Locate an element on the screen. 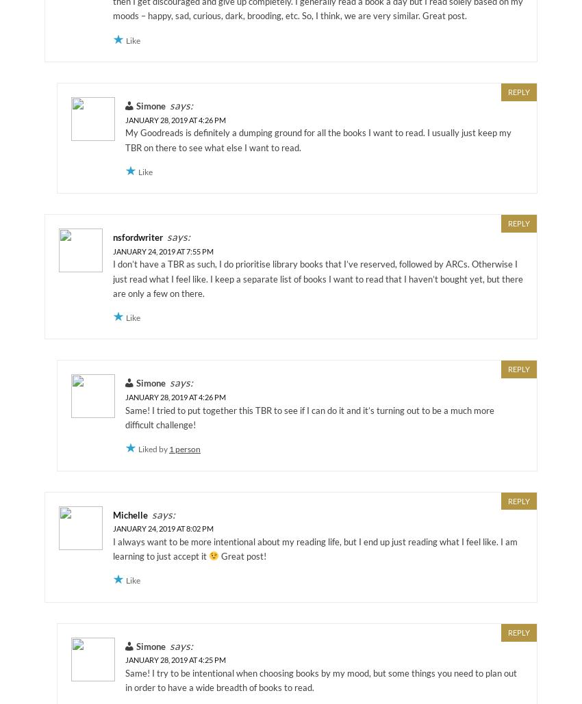 The height and width of the screenshot is (704, 582). 'Same! I try to be intentional when choosing books by my mood, but some things you need to plan out in order to have a wide breadth of books to read.' is located at coordinates (321, 679).